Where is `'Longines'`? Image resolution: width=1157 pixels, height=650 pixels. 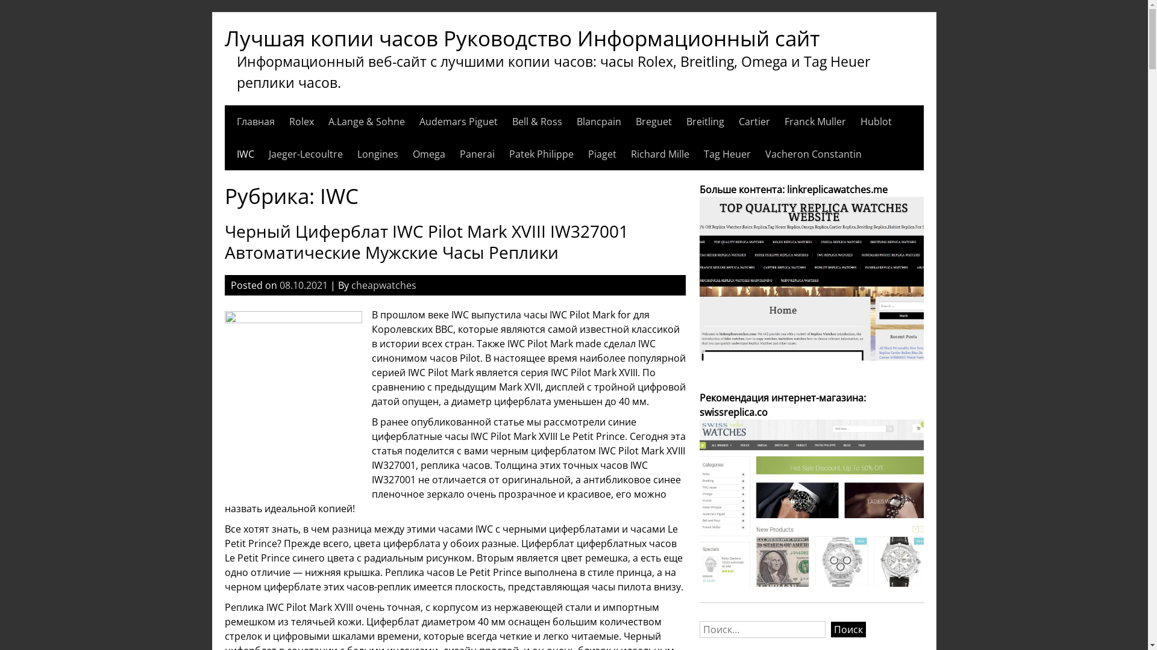
'Longines' is located at coordinates (376, 153).